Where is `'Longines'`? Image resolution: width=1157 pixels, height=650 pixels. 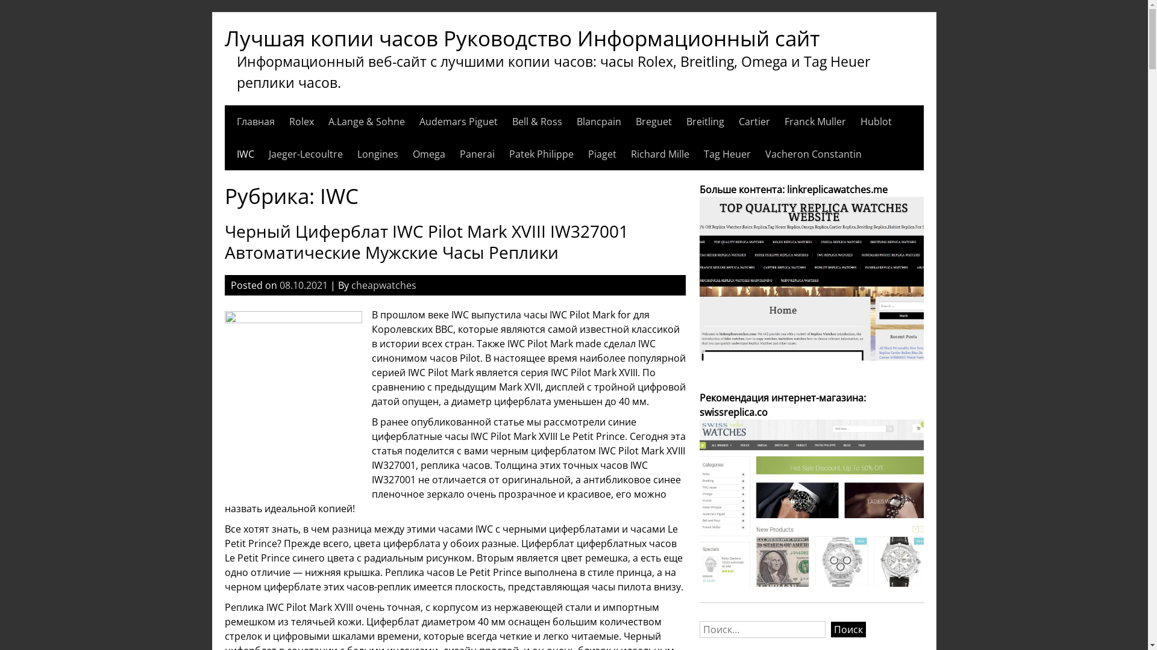
'Longines' is located at coordinates (376, 153).